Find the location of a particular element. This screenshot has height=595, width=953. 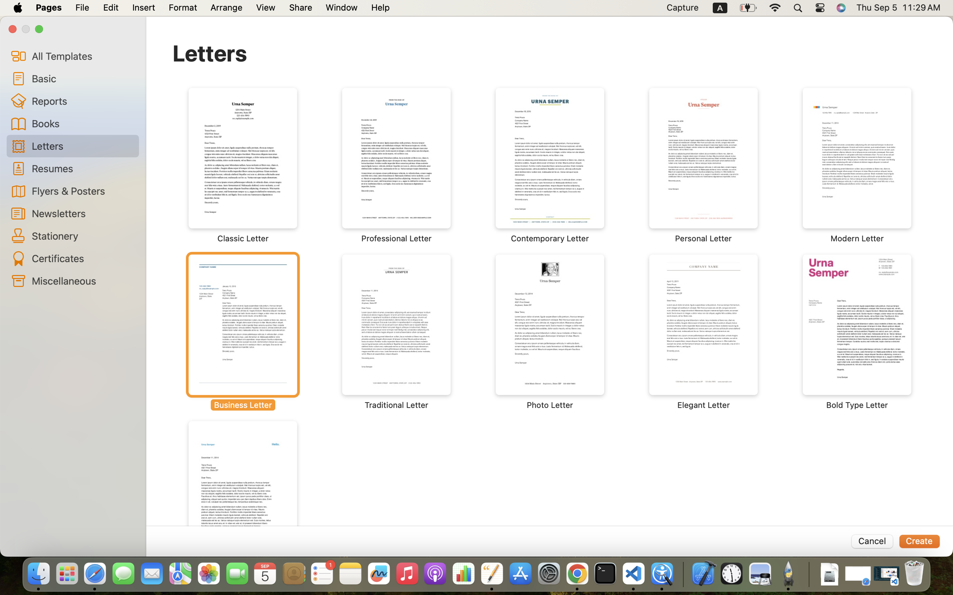

'Stationery' is located at coordinates (82, 235).